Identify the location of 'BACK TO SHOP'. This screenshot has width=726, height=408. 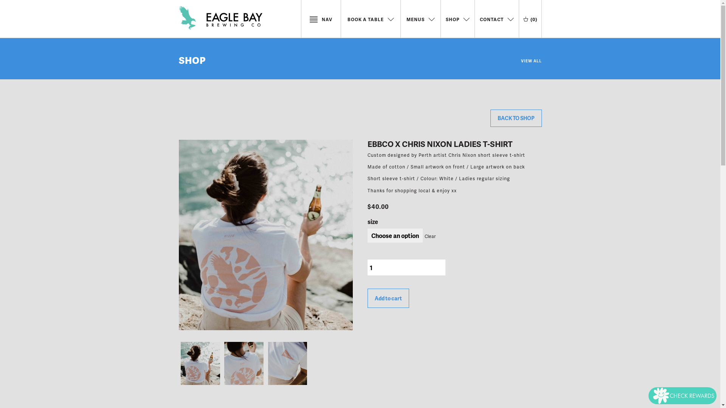
(515, 118).